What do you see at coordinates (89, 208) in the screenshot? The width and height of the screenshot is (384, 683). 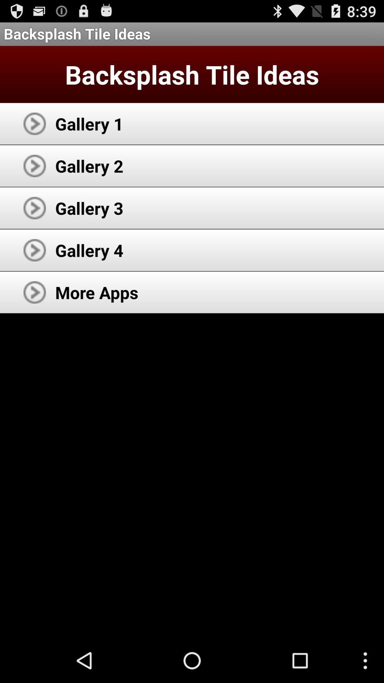 I see `icon below gallery 2 item` at bounding box center [89, 208].